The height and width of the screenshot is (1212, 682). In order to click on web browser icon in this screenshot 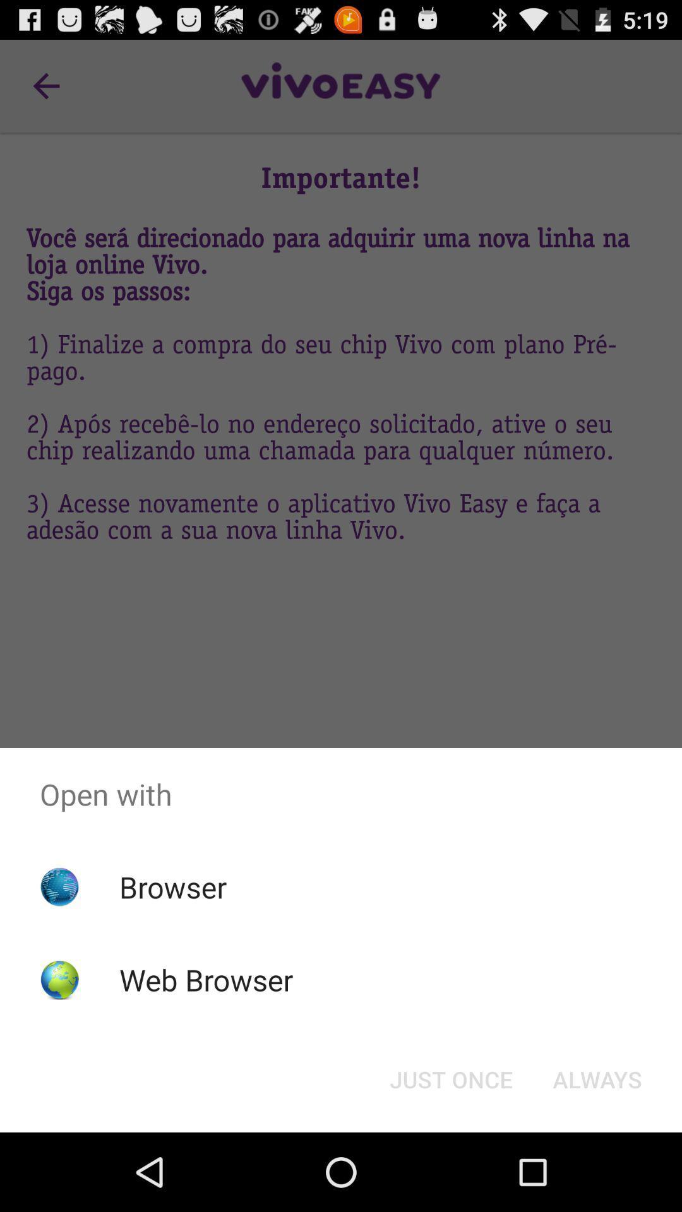, I will do `click(205, 979)`.